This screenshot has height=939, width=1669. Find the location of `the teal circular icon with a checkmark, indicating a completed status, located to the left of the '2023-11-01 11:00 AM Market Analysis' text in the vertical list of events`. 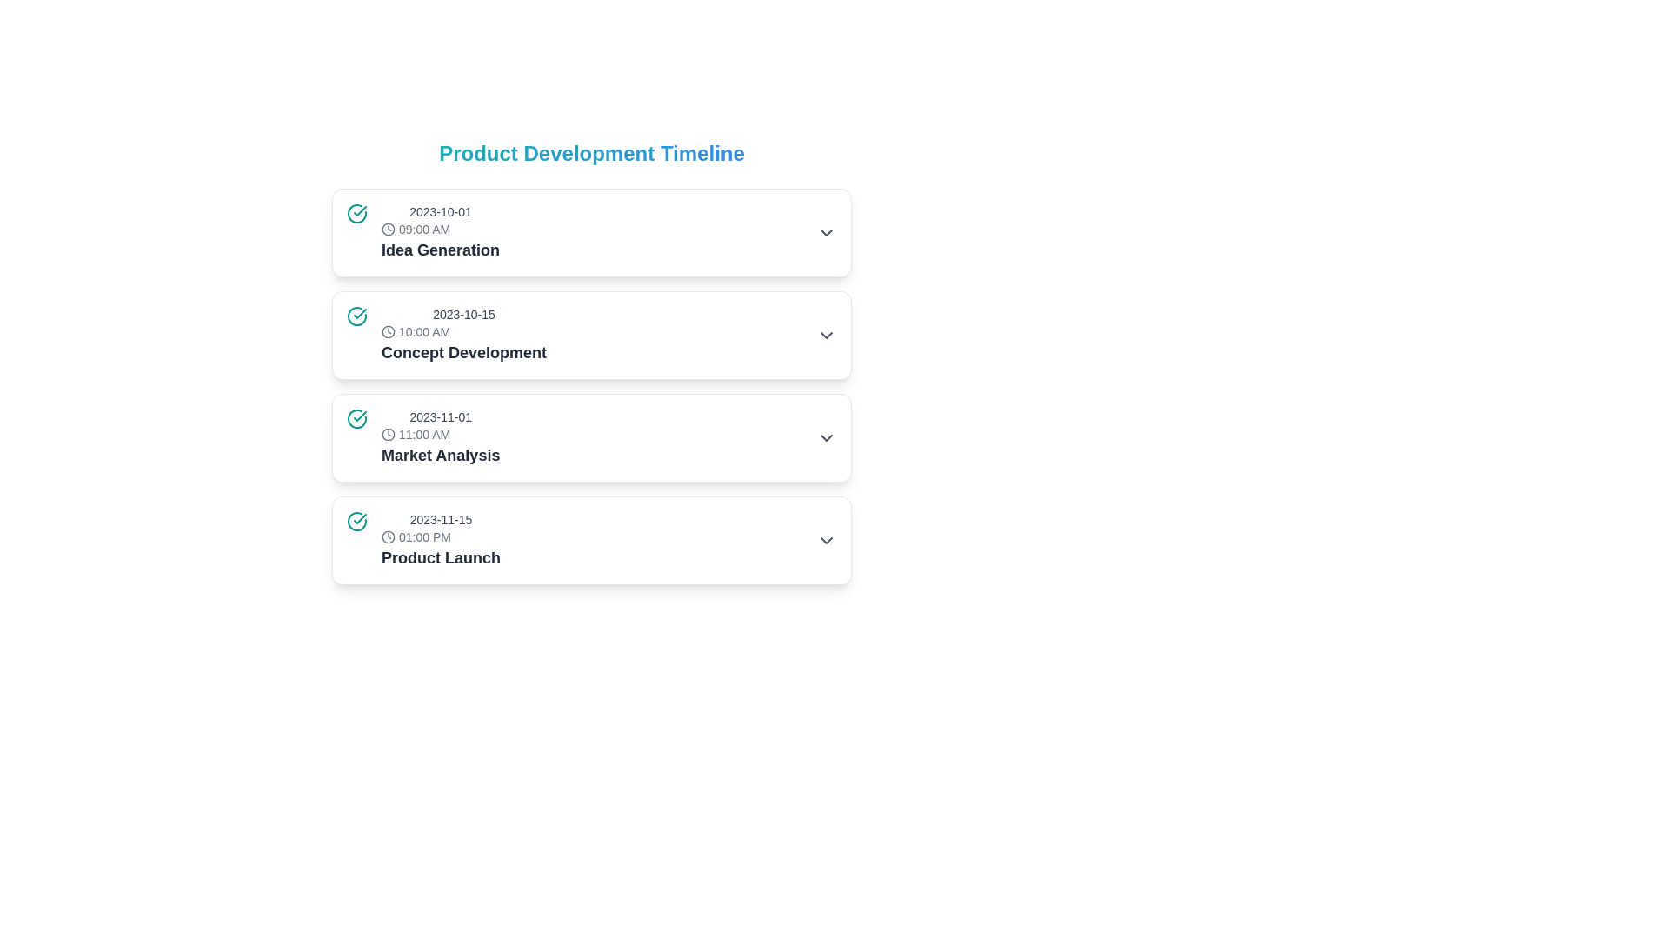

the teal circular icon with a checkmark, indicating a completed status, located to the left of the '2023-11-01 11:00 AM Market Analysis' text in the vertical list of events is located at coordinates (356, 419).